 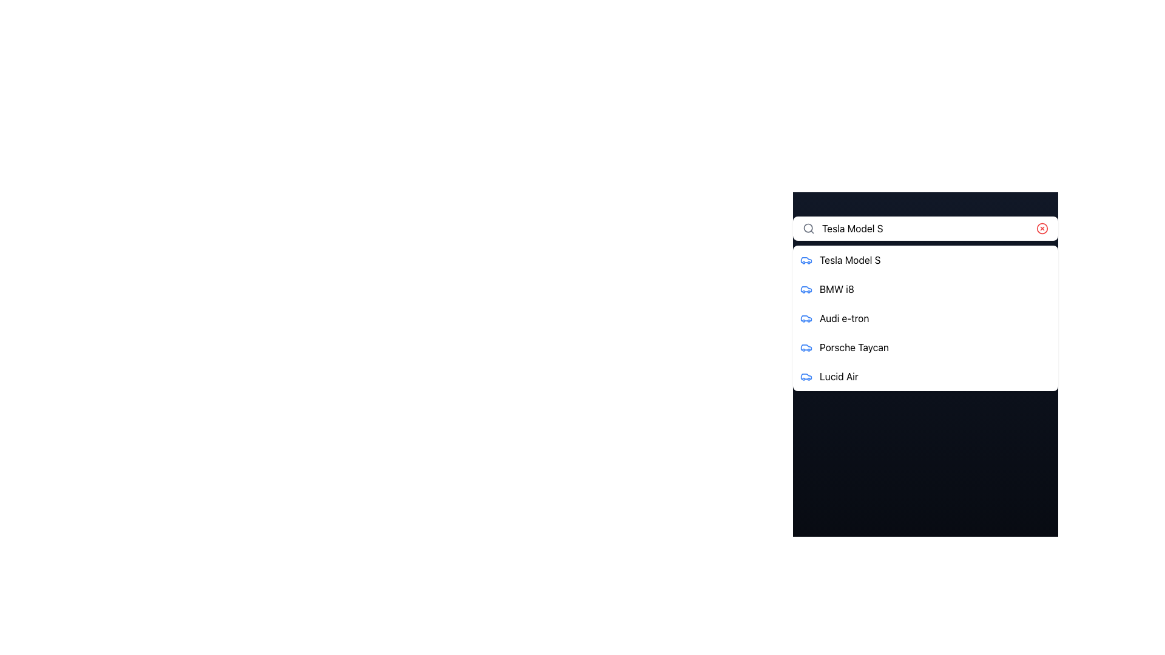 What do you see at coordinates (806, 376) in the screenshot?
I see `the icon representing 'Lucid Air', which is the fifth icon in the dropdown list of car options` at bounding box center [806, 376].